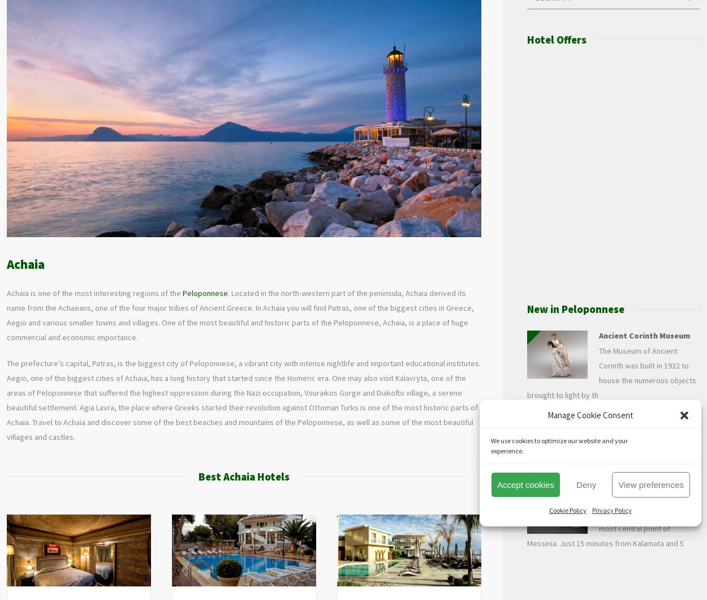 This screenshot has width=707, height=600. I want to click on 'Kleopatra Inn is located in the most central point of Messinia. Just 15 minutes from Kalamata and 5', so click(612, 528).